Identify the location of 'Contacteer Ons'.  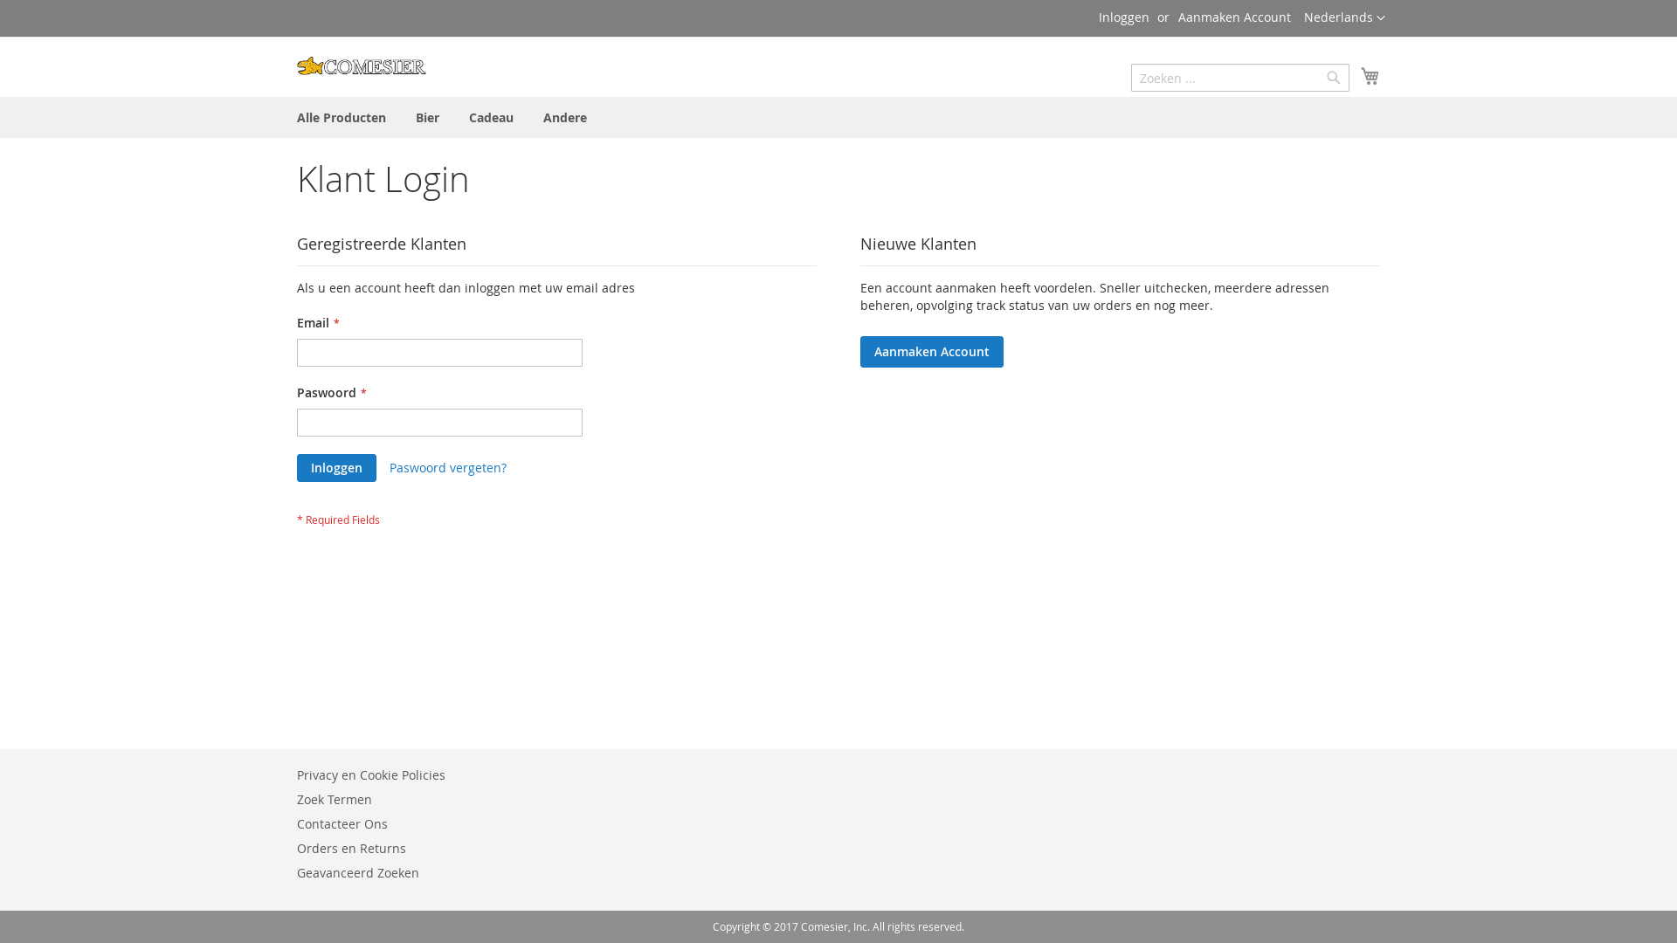
(342, 823).